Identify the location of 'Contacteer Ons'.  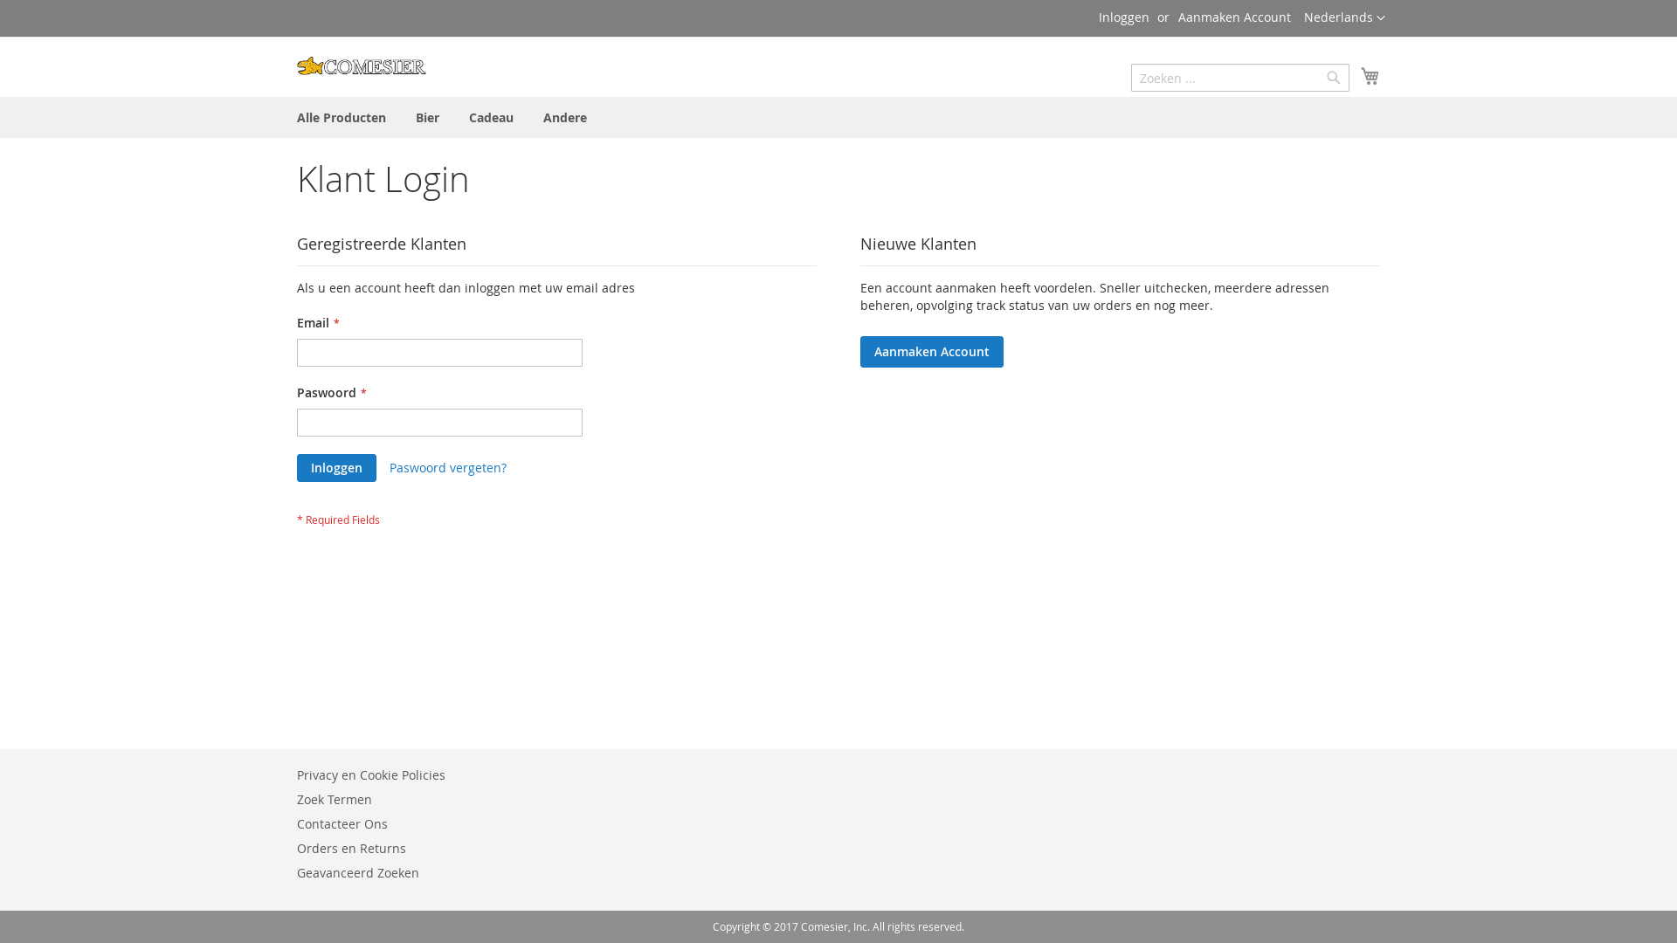
(342, 823).